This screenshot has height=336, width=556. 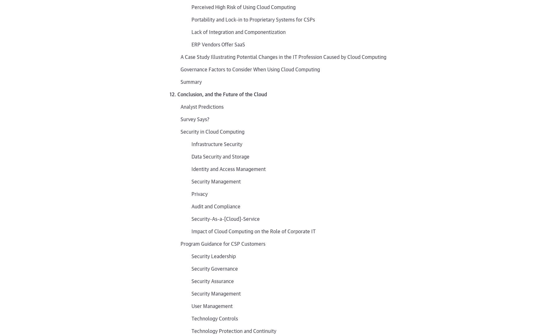 What do you see at coordinates (215, 268) in the screenshot?
I see `'Security Governance'` at bounding box center [215, 268].